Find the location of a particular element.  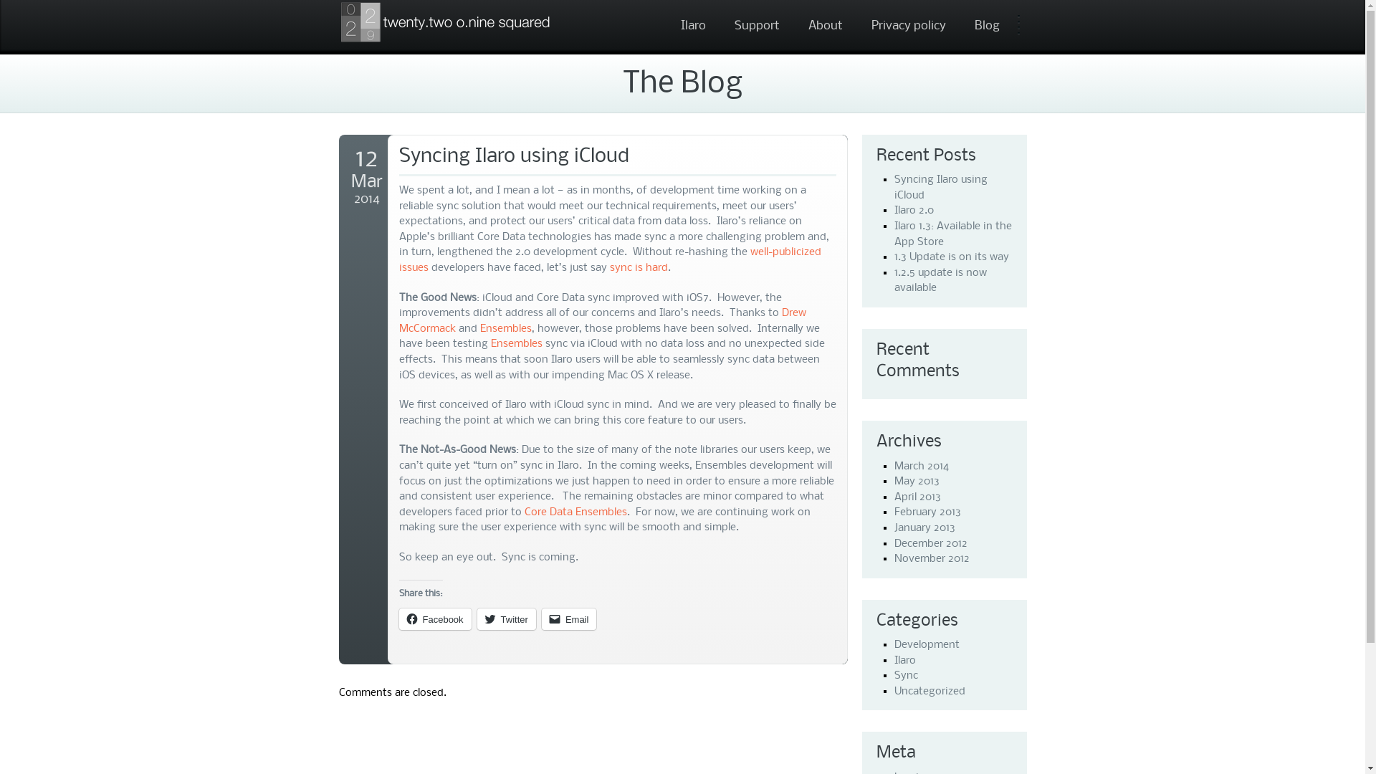

'Ilaro 2.0' is located at coordinates (913, 210).